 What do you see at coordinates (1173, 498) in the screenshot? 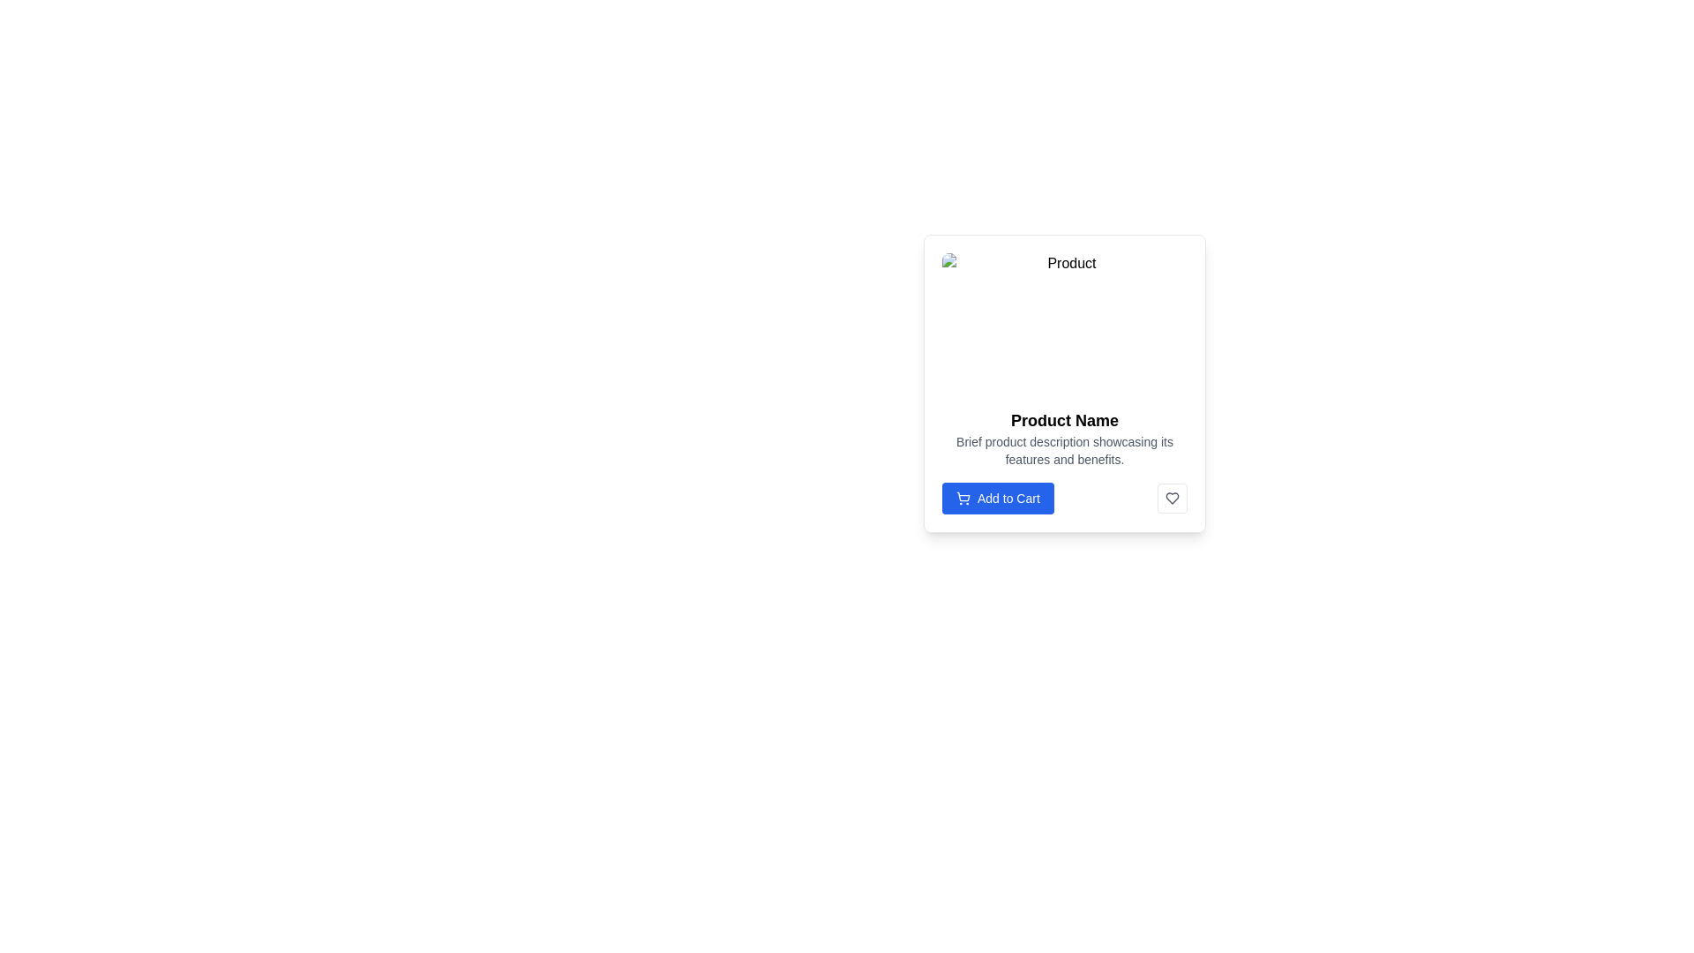
I see `the heart icon representing the 'favorite' or 'like' function located at the bottom-right corner of the card-like component` at bounding box center [1173, 498].